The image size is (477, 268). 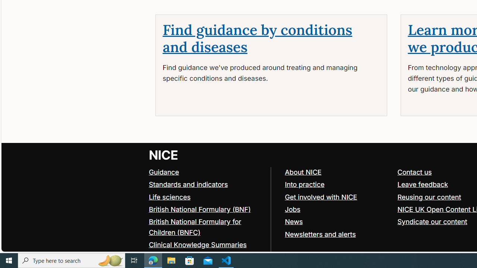 What do you see at coordinates (293, 221) in the screenshot?
I see `'News'` at bounding box center [293, 221].